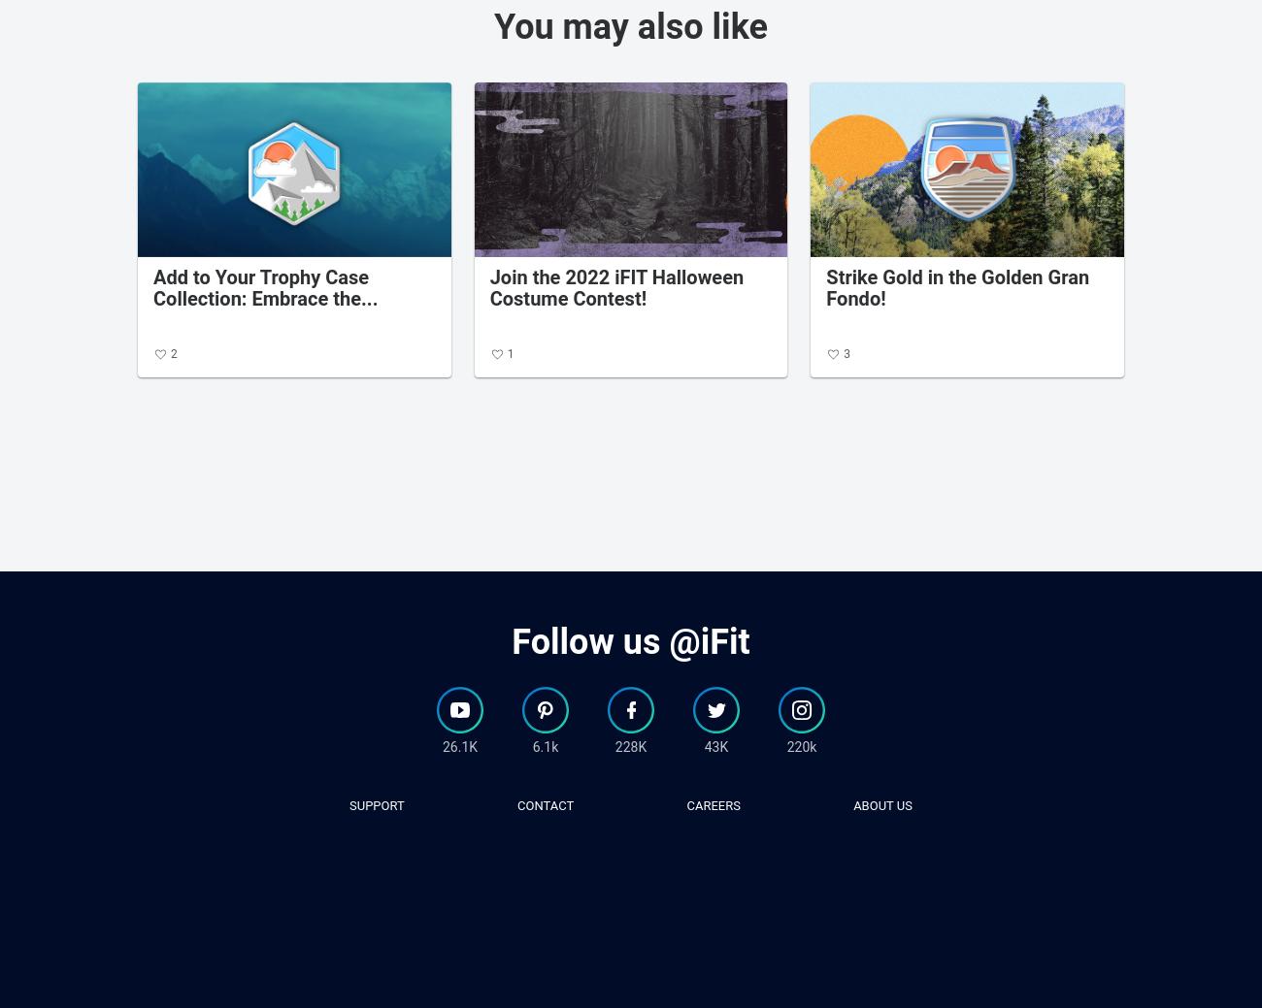 The image size is (1262, 1008). What do you see at coordinates (630, 744) in the screenshot?
I see `'228K'` at bounding box center [630, 744].